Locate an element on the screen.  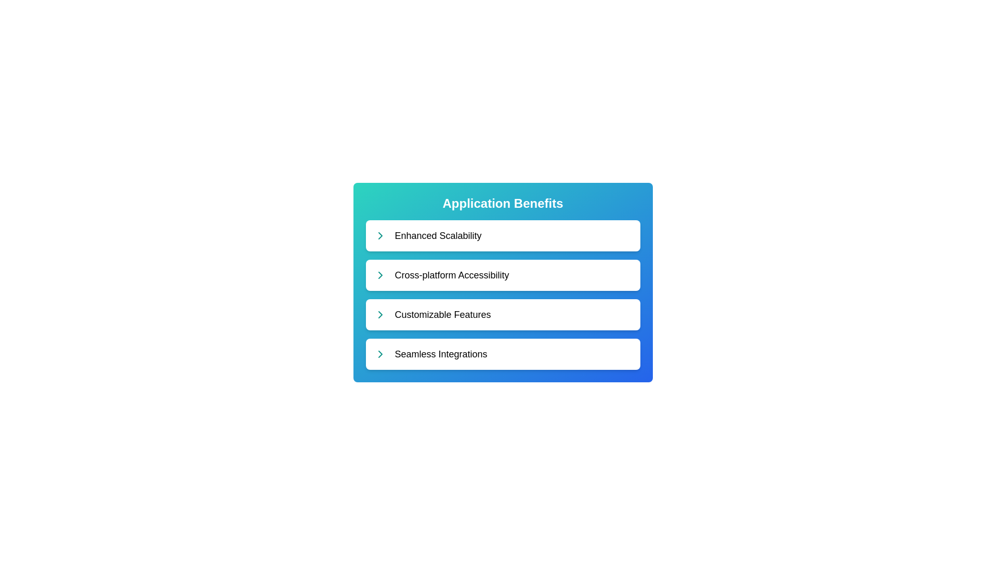
text of the label positioned vertically in the list between 'Enhanced Scalability' and 'Customizable Features' is located at coordinates (452, 274).